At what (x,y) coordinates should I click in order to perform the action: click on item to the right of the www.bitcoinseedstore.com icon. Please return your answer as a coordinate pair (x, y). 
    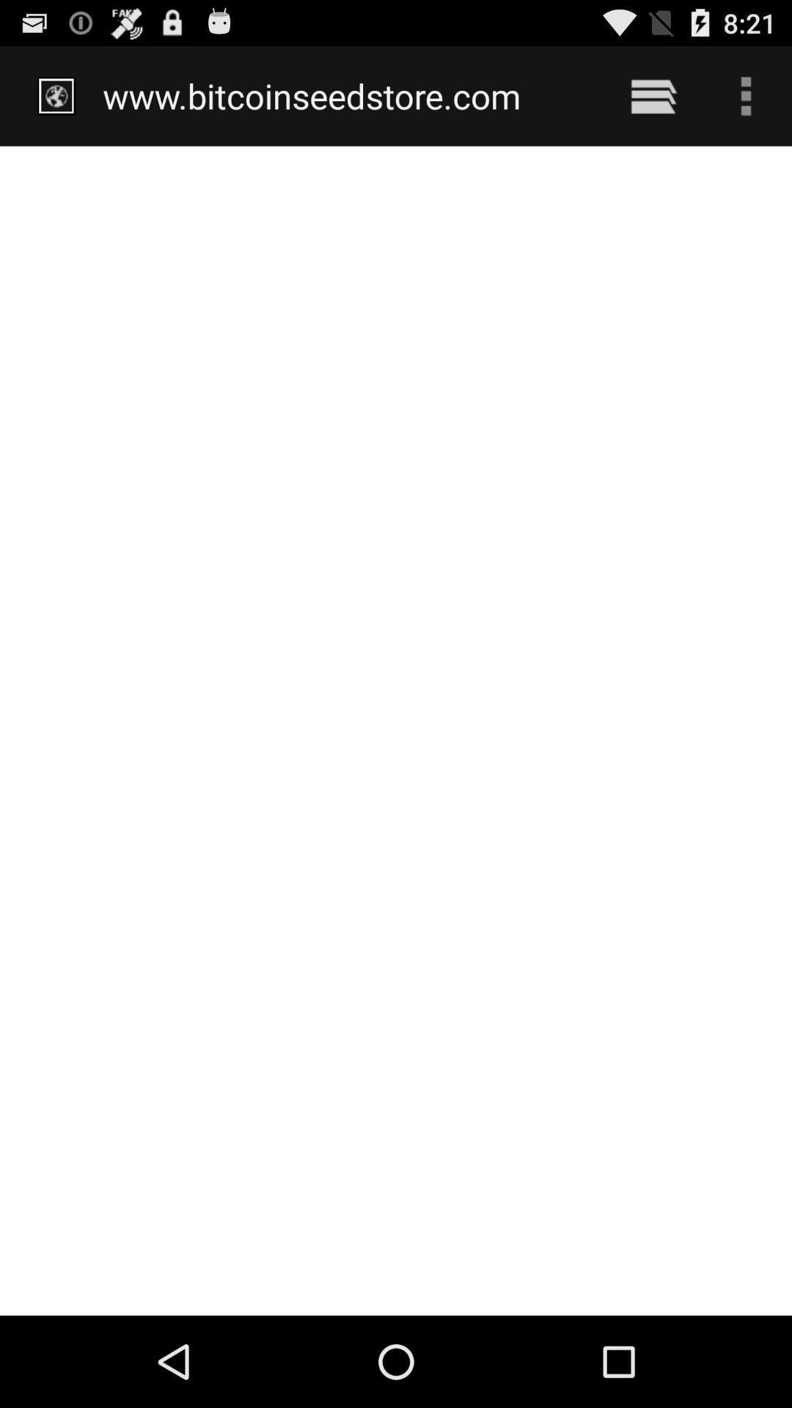
    Looking at the image, I should click on (653, 95).